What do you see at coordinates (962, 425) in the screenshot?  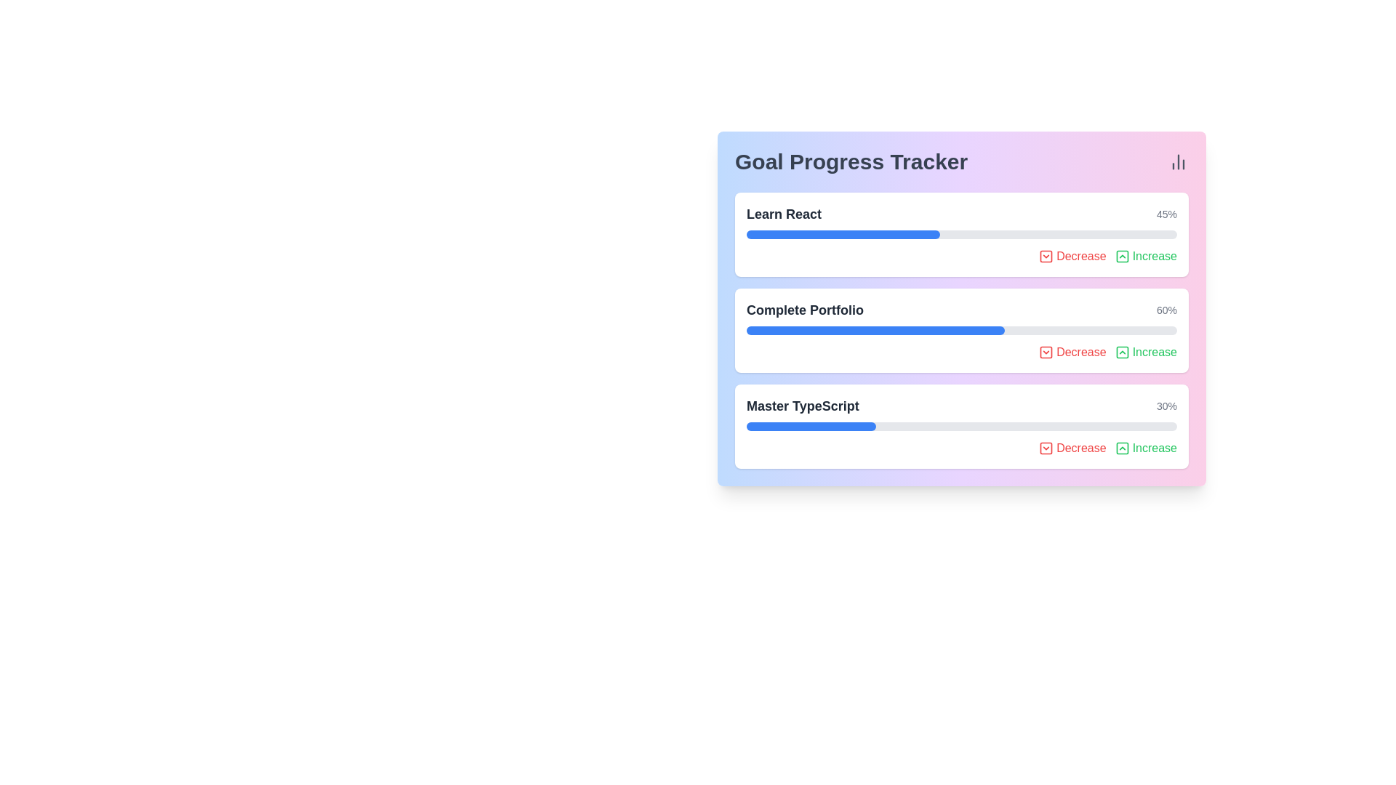 I see `the progress bar of the Progress tracker card, which displays the progress in mastering TypeScript` at bounding box center [962, 425].